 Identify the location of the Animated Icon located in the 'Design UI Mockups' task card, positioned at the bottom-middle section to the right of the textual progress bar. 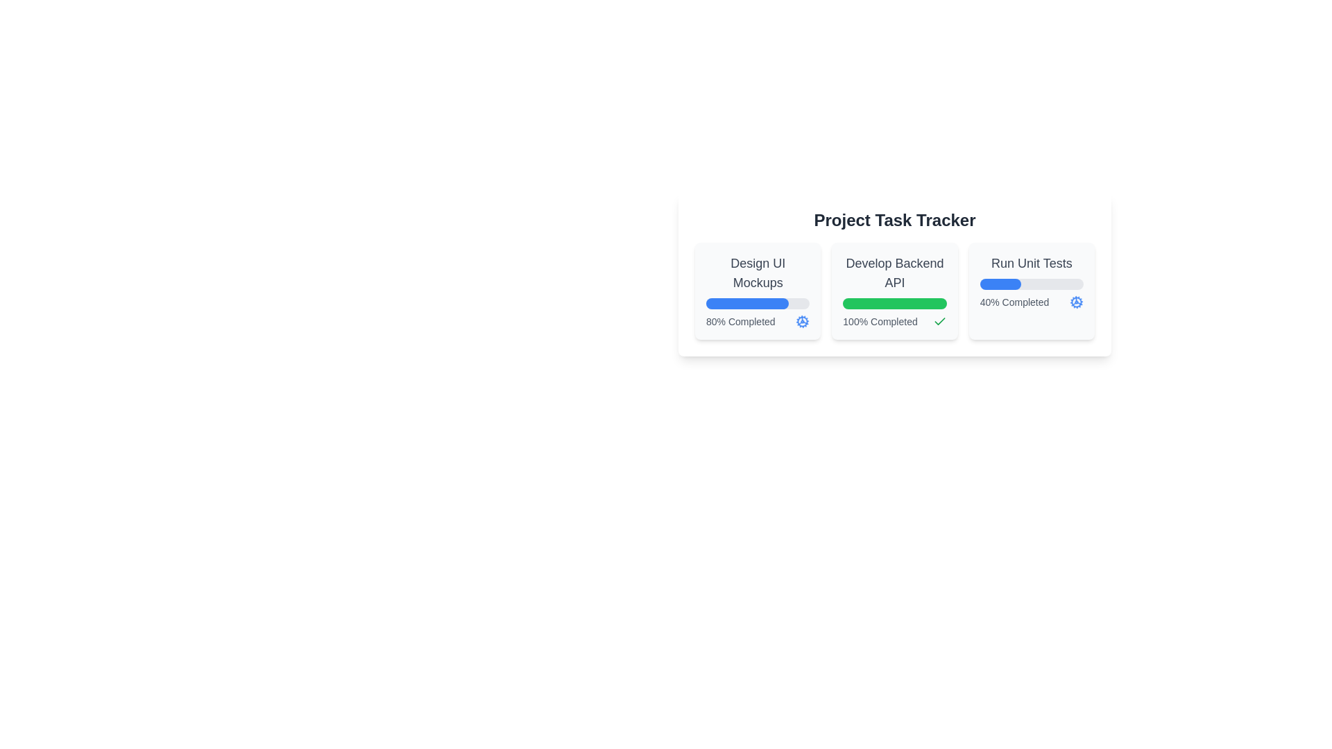
(803, 321).